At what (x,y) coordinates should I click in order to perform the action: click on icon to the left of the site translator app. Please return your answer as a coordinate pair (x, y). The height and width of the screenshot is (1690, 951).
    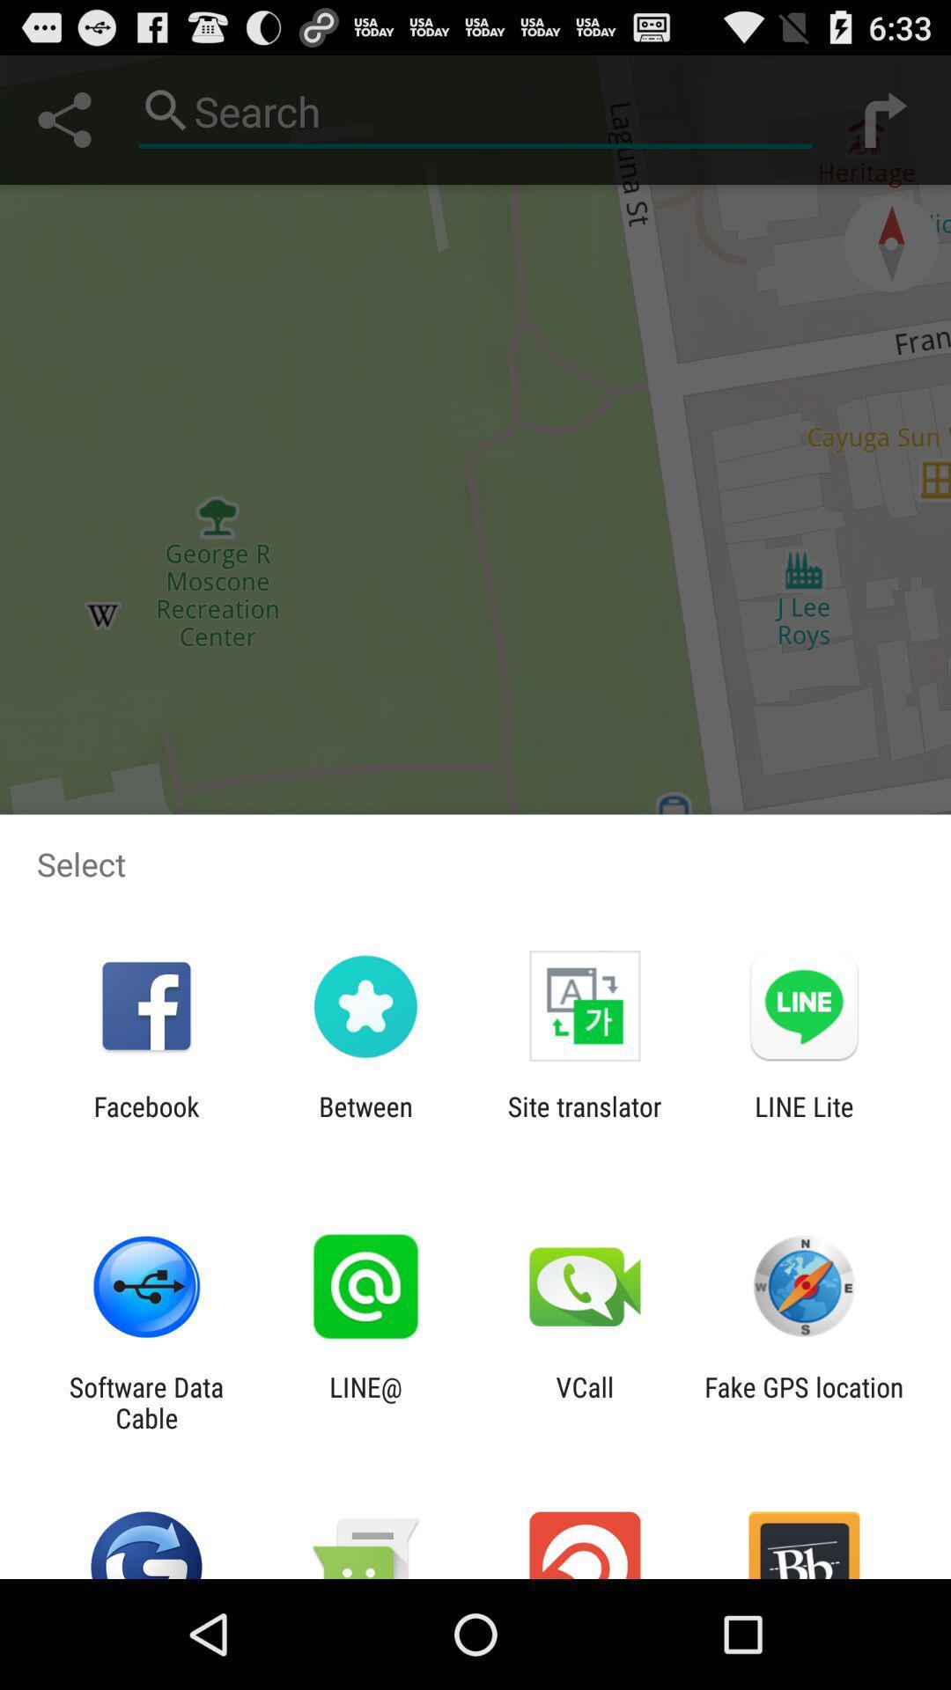
    Looking at the image, I should click on (365, 1121).